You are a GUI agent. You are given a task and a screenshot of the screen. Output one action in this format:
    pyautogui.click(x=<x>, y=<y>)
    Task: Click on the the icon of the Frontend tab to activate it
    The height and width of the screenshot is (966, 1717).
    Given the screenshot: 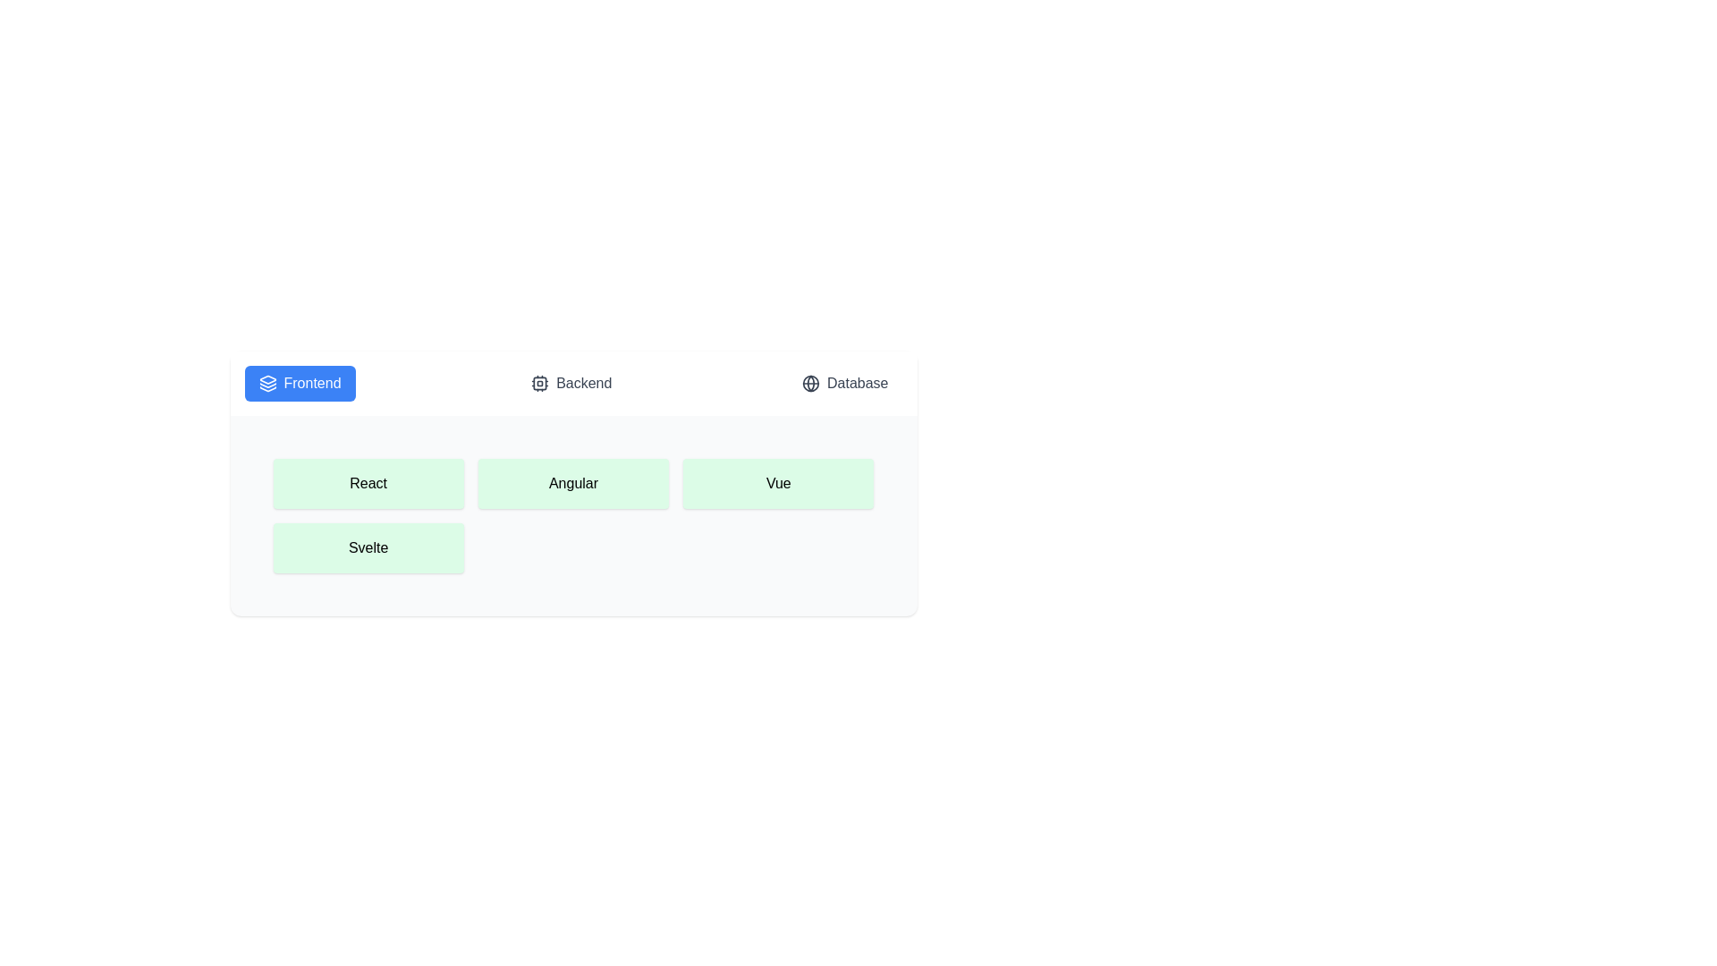 What is the action you would take?
    pyautogui.click(x=266, y=382)
    